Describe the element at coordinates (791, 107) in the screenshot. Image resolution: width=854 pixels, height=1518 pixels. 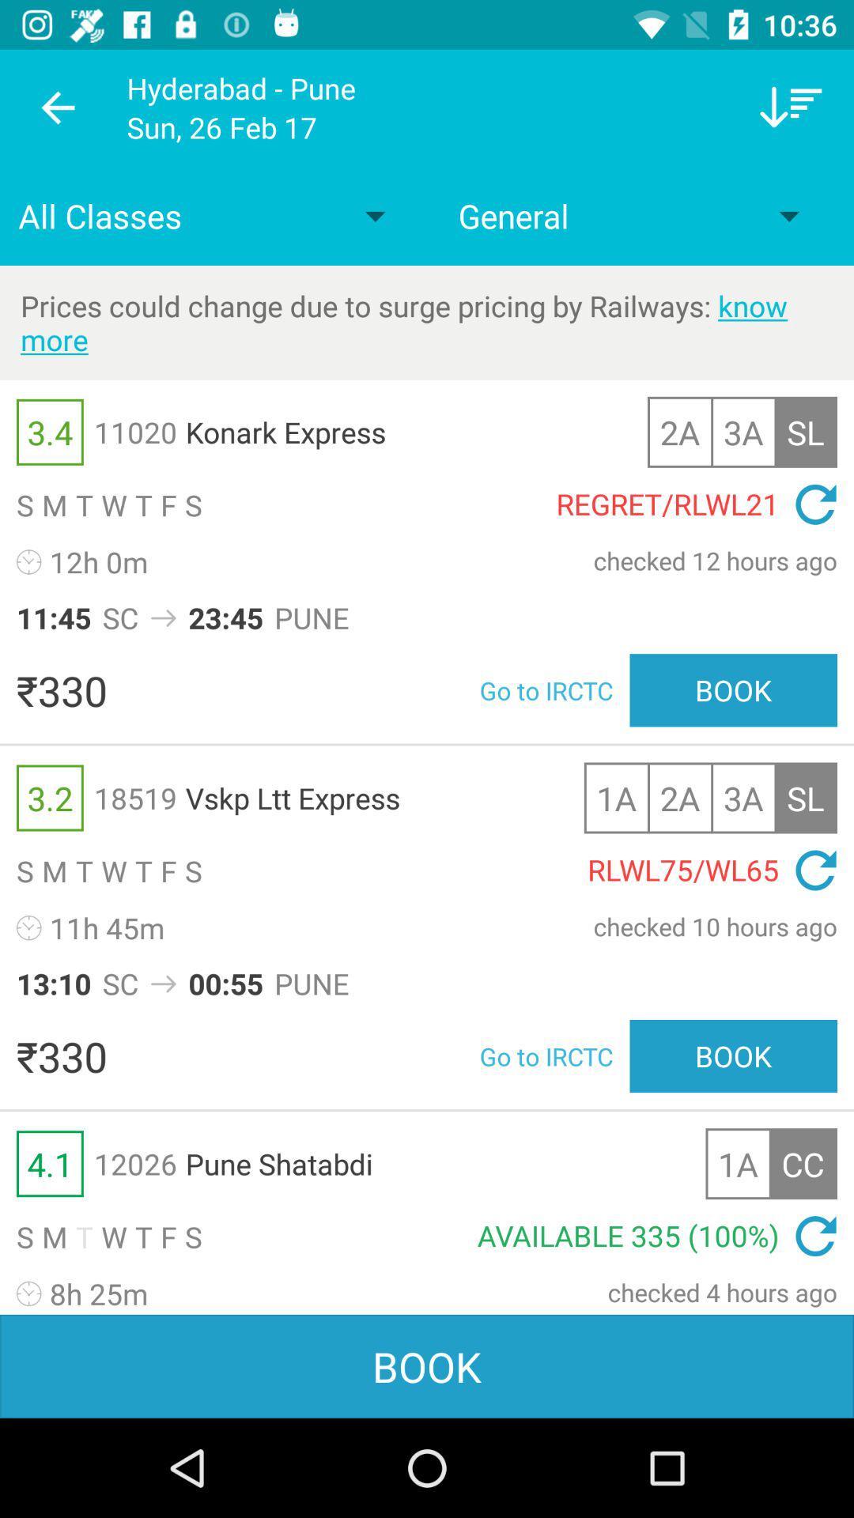
I see `change filters` at that location.